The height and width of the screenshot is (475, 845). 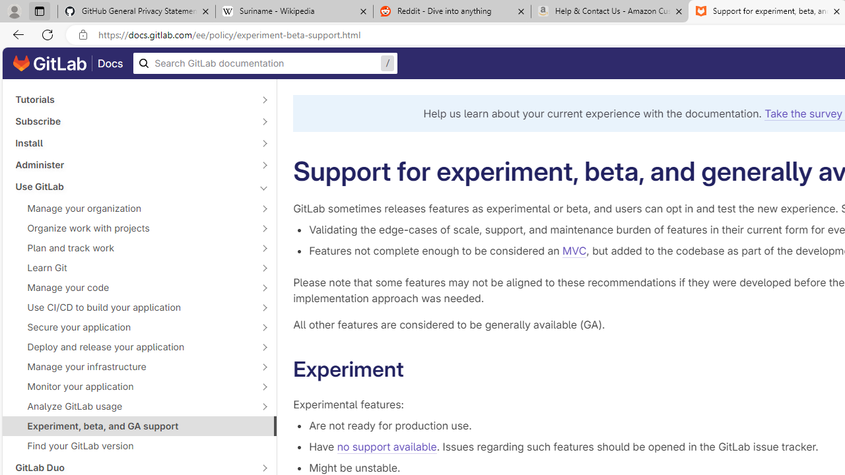 I want to click on 'Secure your application', so click(x=132, y=327).